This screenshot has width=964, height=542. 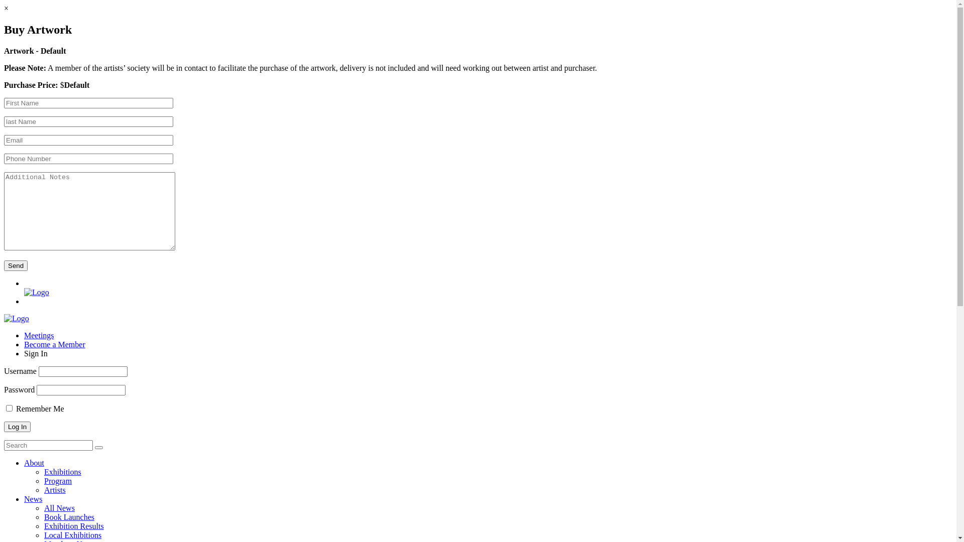 I want to click on 'Exhibition Results', so click(x=73, y=525).